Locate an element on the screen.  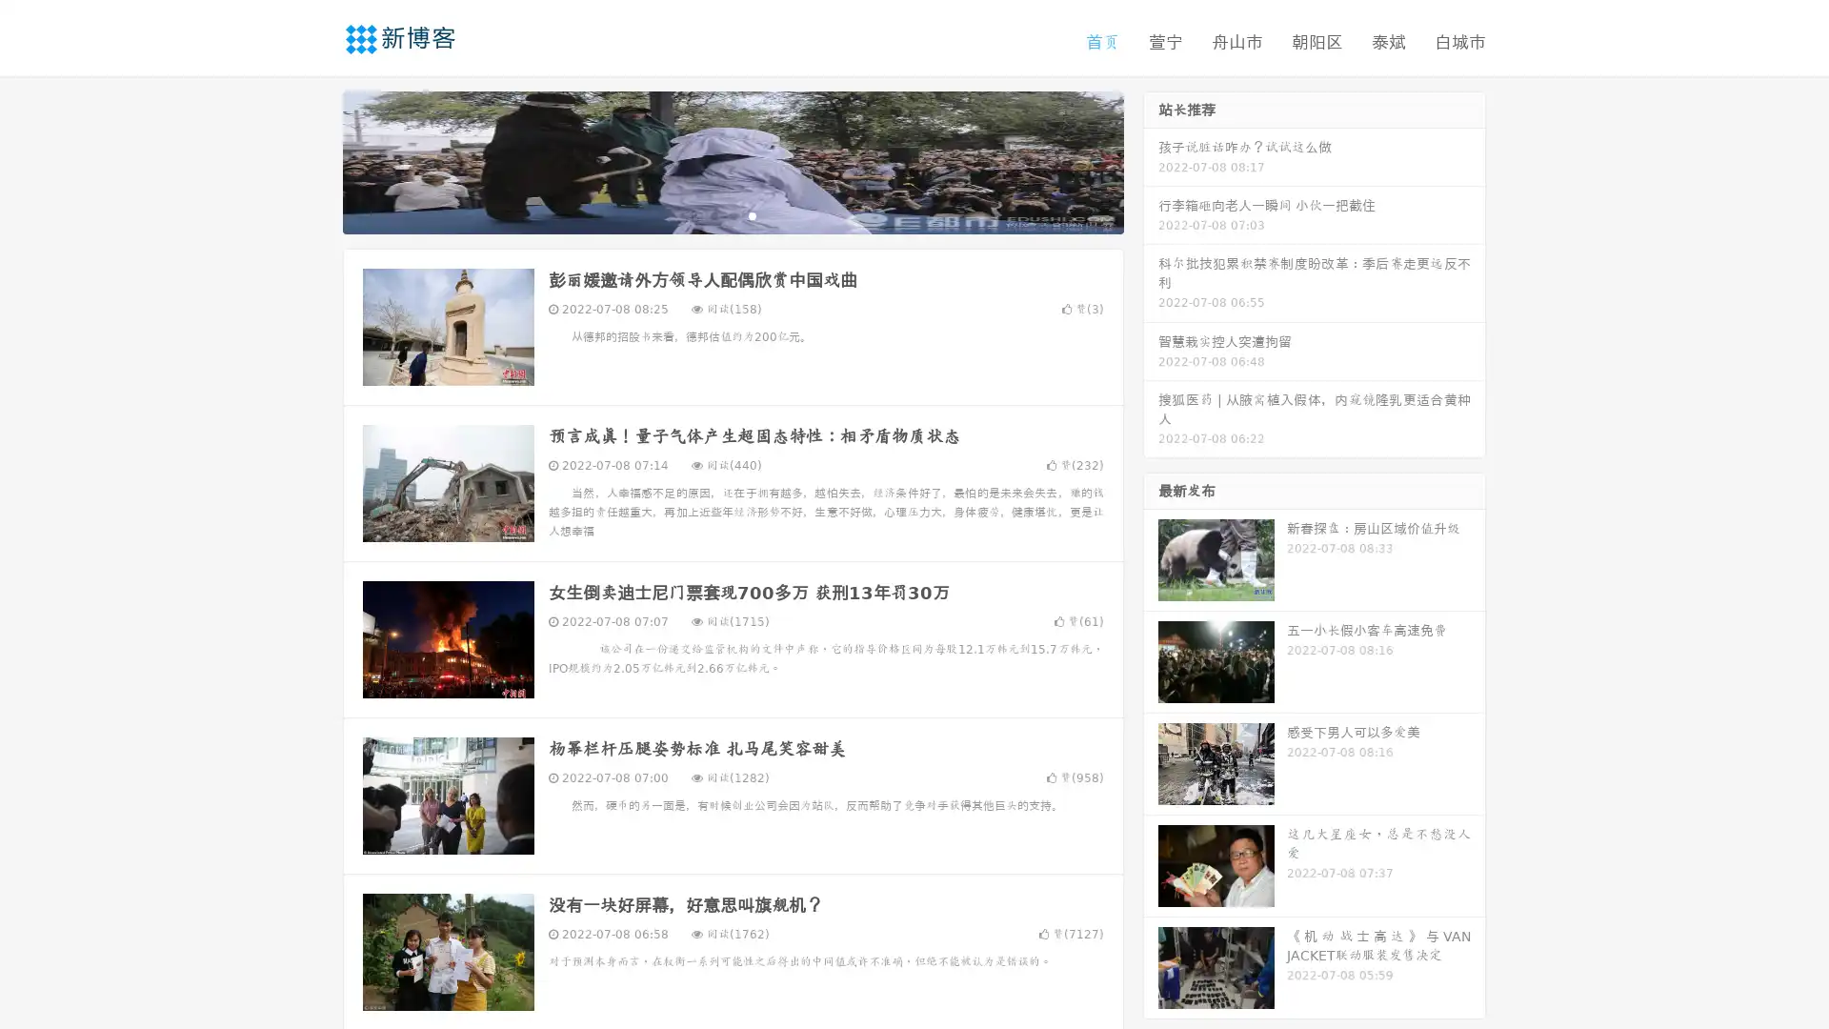
Go to slide 1 is located at coordinates (713, 214).